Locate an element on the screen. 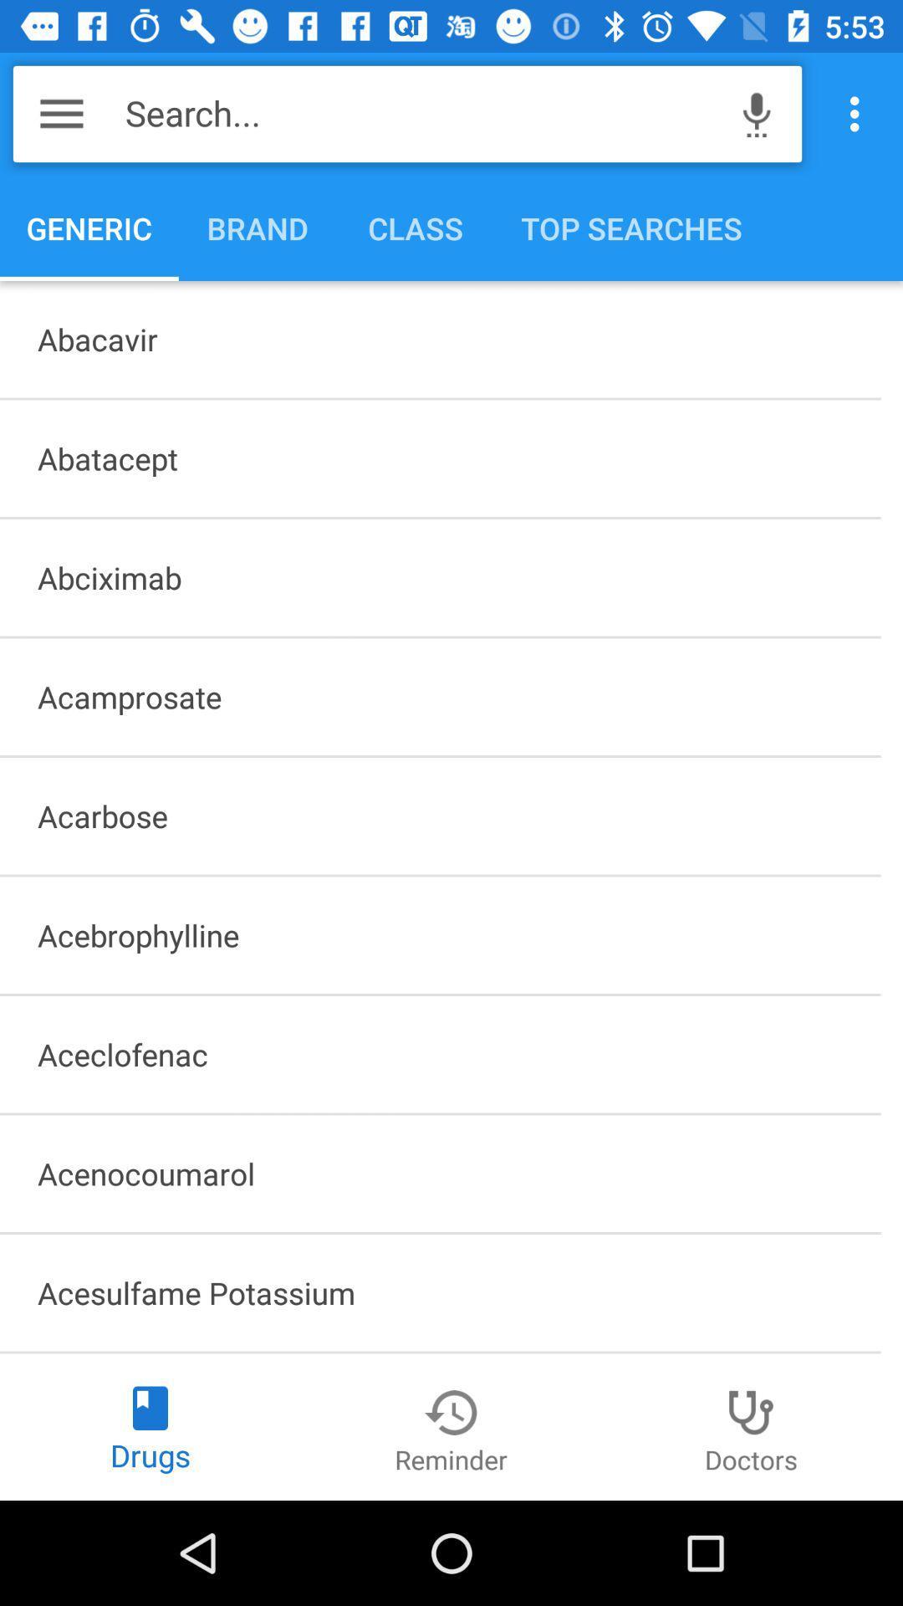 This screenshot has width=903, height=1606. item below the aceclofenac is located at coordinates (439, 1173).